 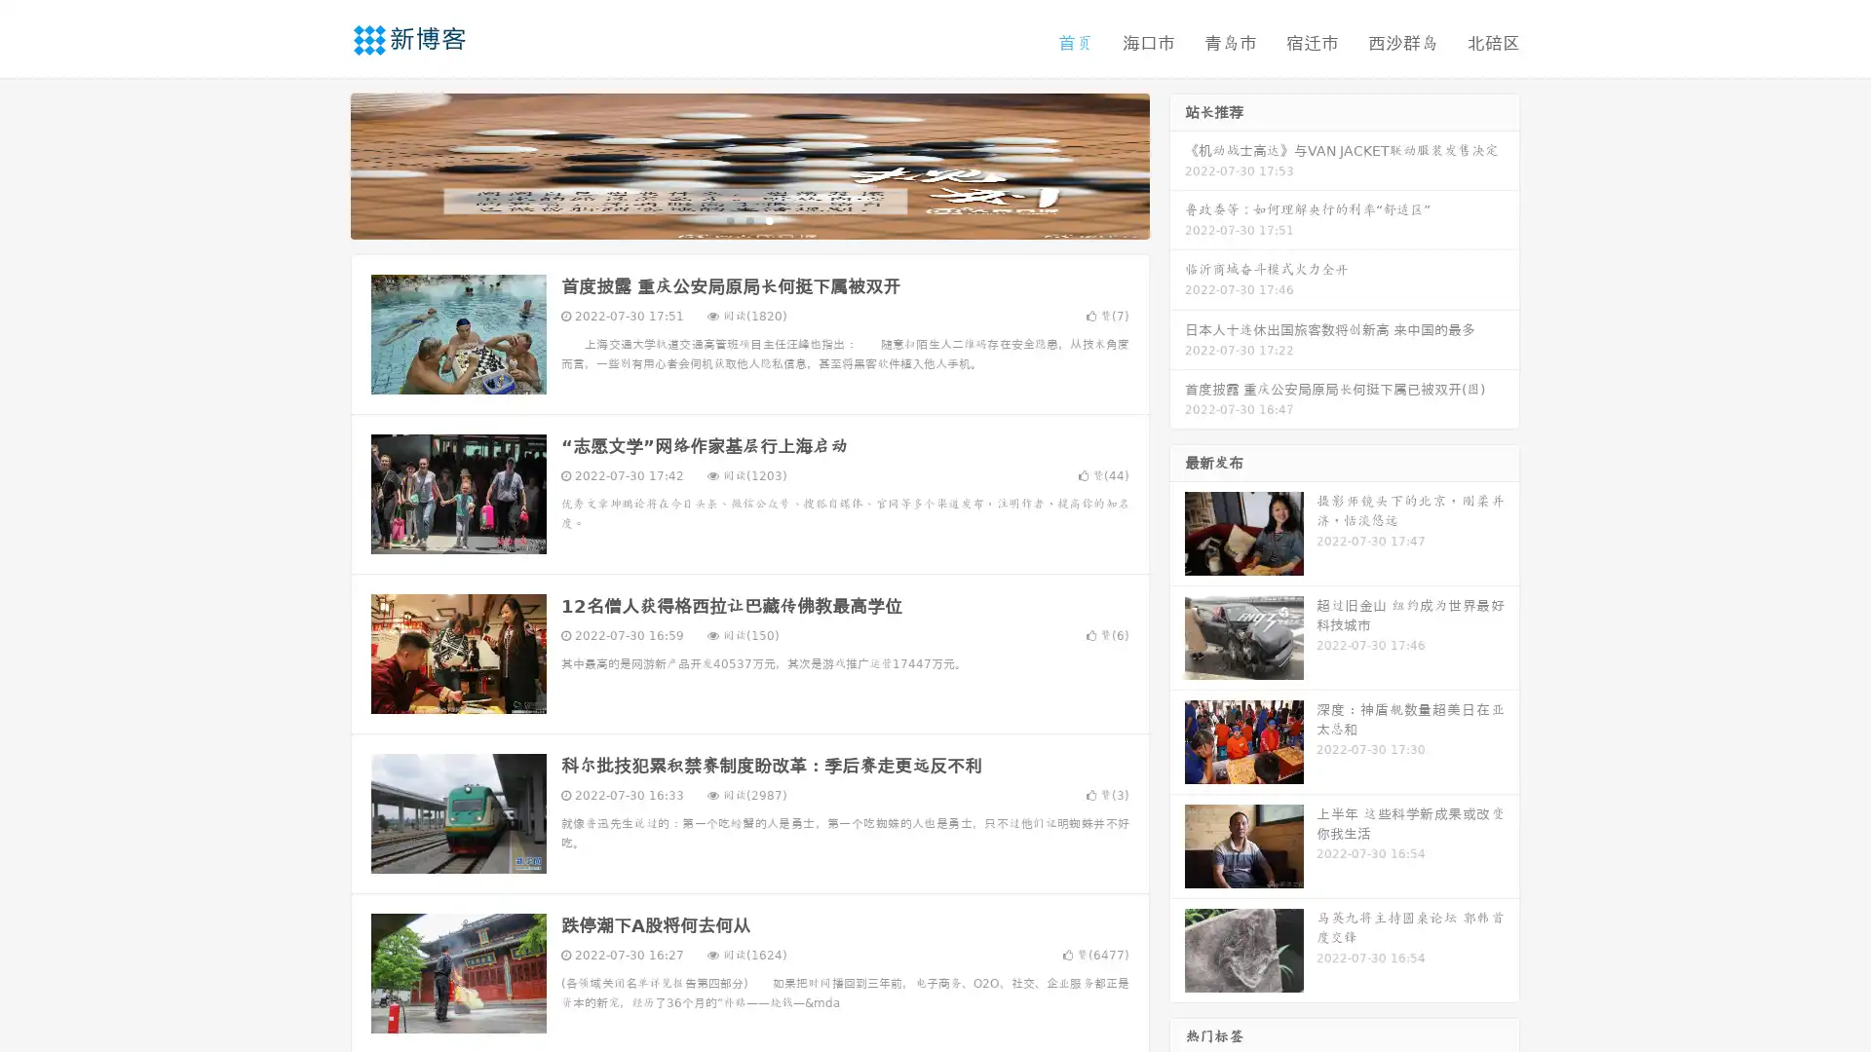 What do you see at coordinates (1177, 164) in the screenshot?
I see `Next slide` at bounding box center [1177, 164].